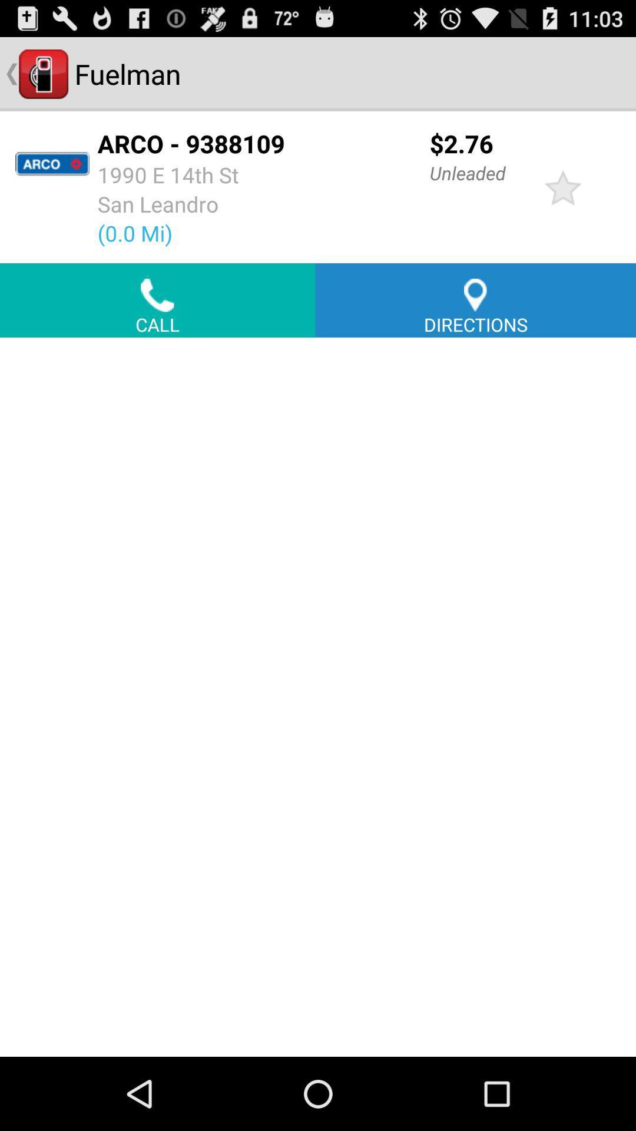  I want to click on the icon above directions icon, so click(562, 186).